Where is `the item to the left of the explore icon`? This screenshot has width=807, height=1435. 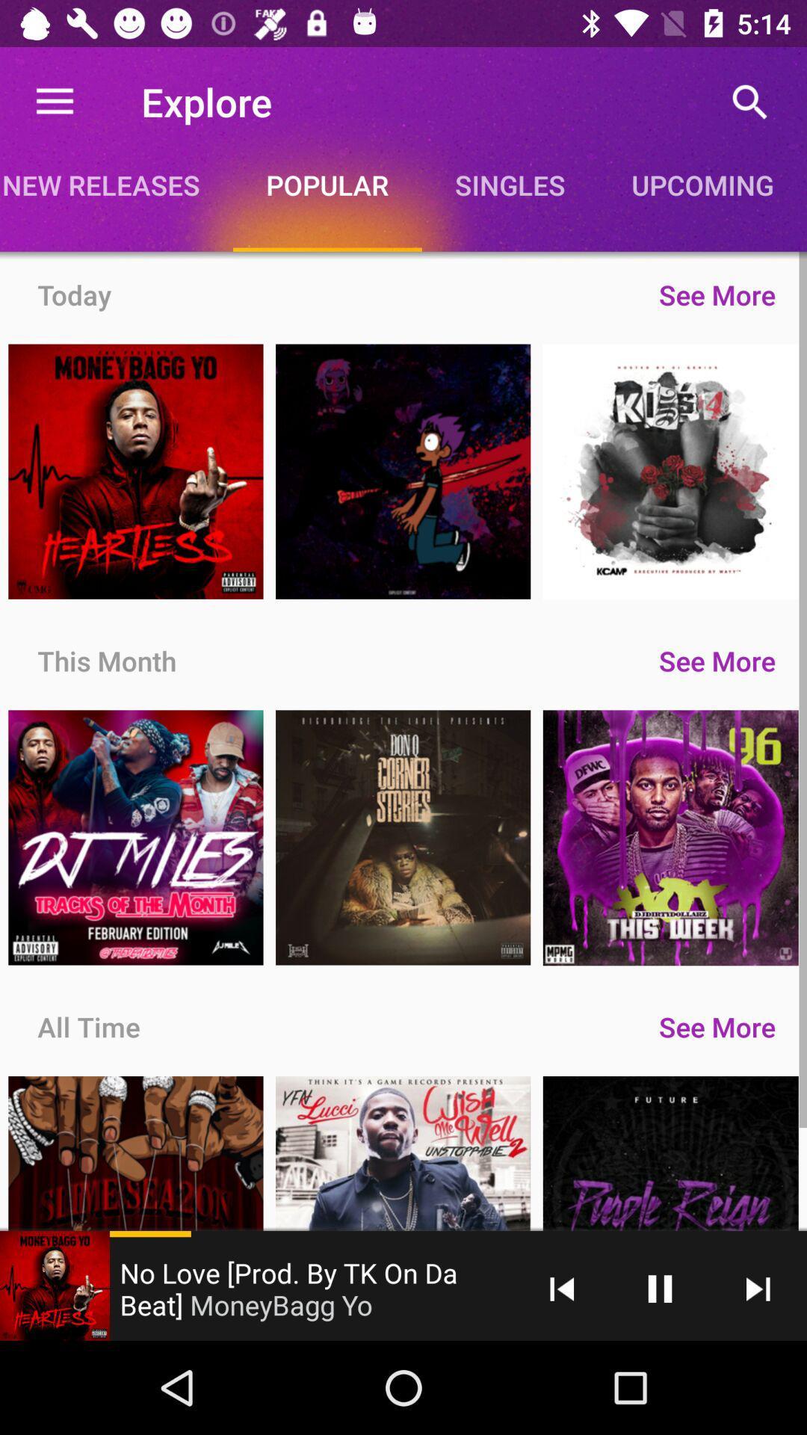 the item to the left of the explore icon is located at coordinates (54, 101).